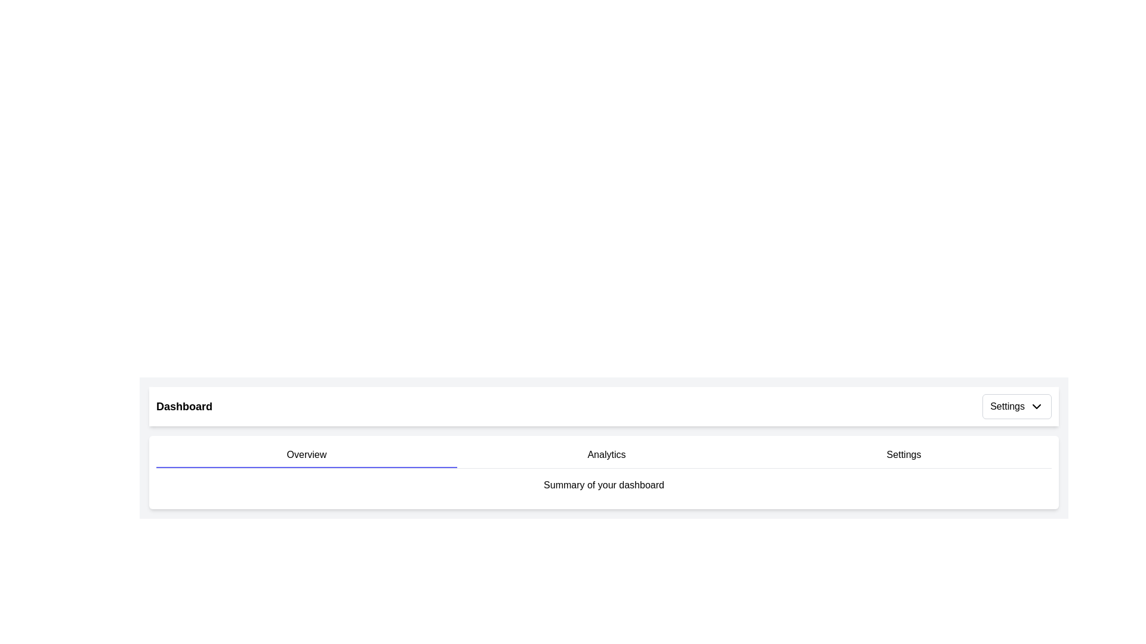 Image resolution: width=1146 pixels, height=644 pixels. What do you see at coordinates (183, 406) in the screenshot?
I see `the content of the Text Label that serves as a header in the top left section of the application` at bounding box center [183, 406].